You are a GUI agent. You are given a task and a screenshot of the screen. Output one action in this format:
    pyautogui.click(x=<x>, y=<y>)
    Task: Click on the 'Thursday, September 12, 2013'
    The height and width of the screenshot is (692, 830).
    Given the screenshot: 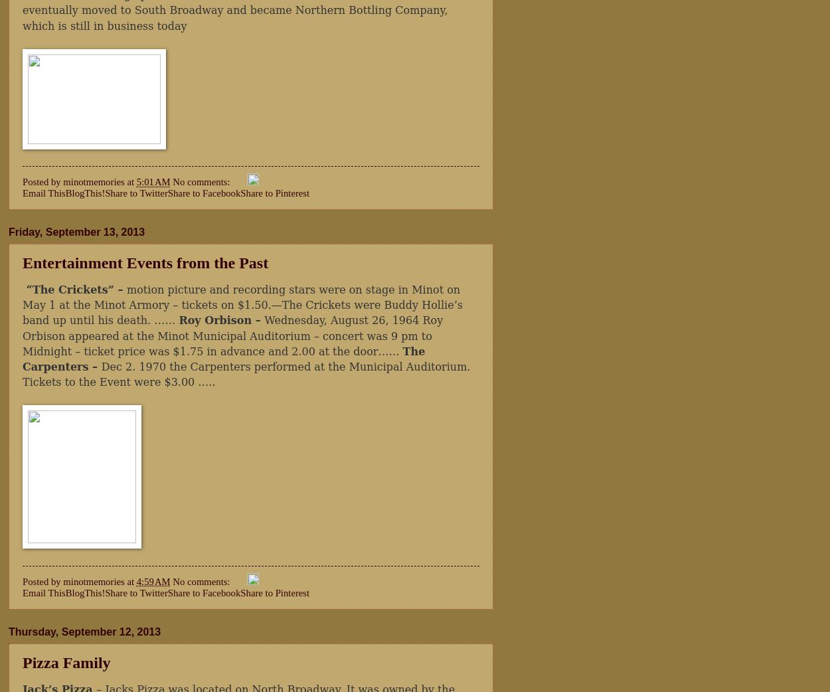 What is the action you would take?
    pyautogui.click(x=84, y=630)
    